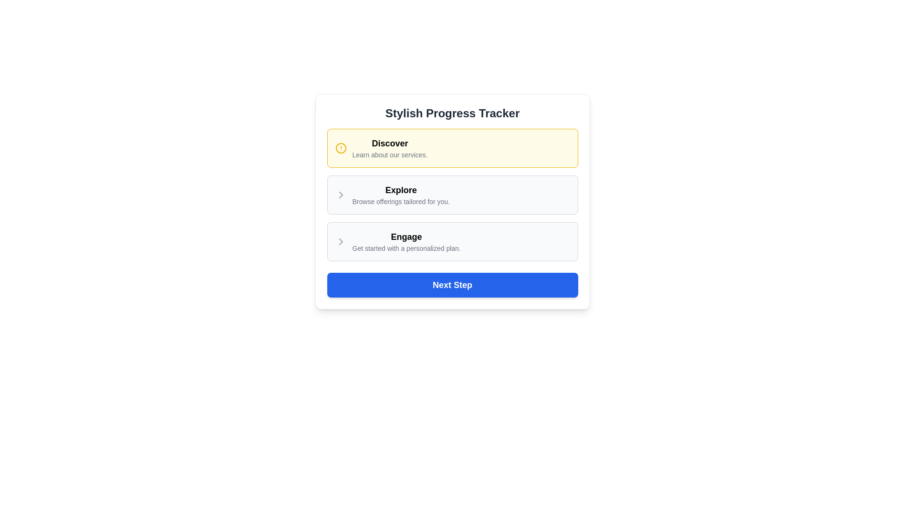 This screenshot has height=515, width=916. I want to click on keyboard navigation, so click(406, 241).